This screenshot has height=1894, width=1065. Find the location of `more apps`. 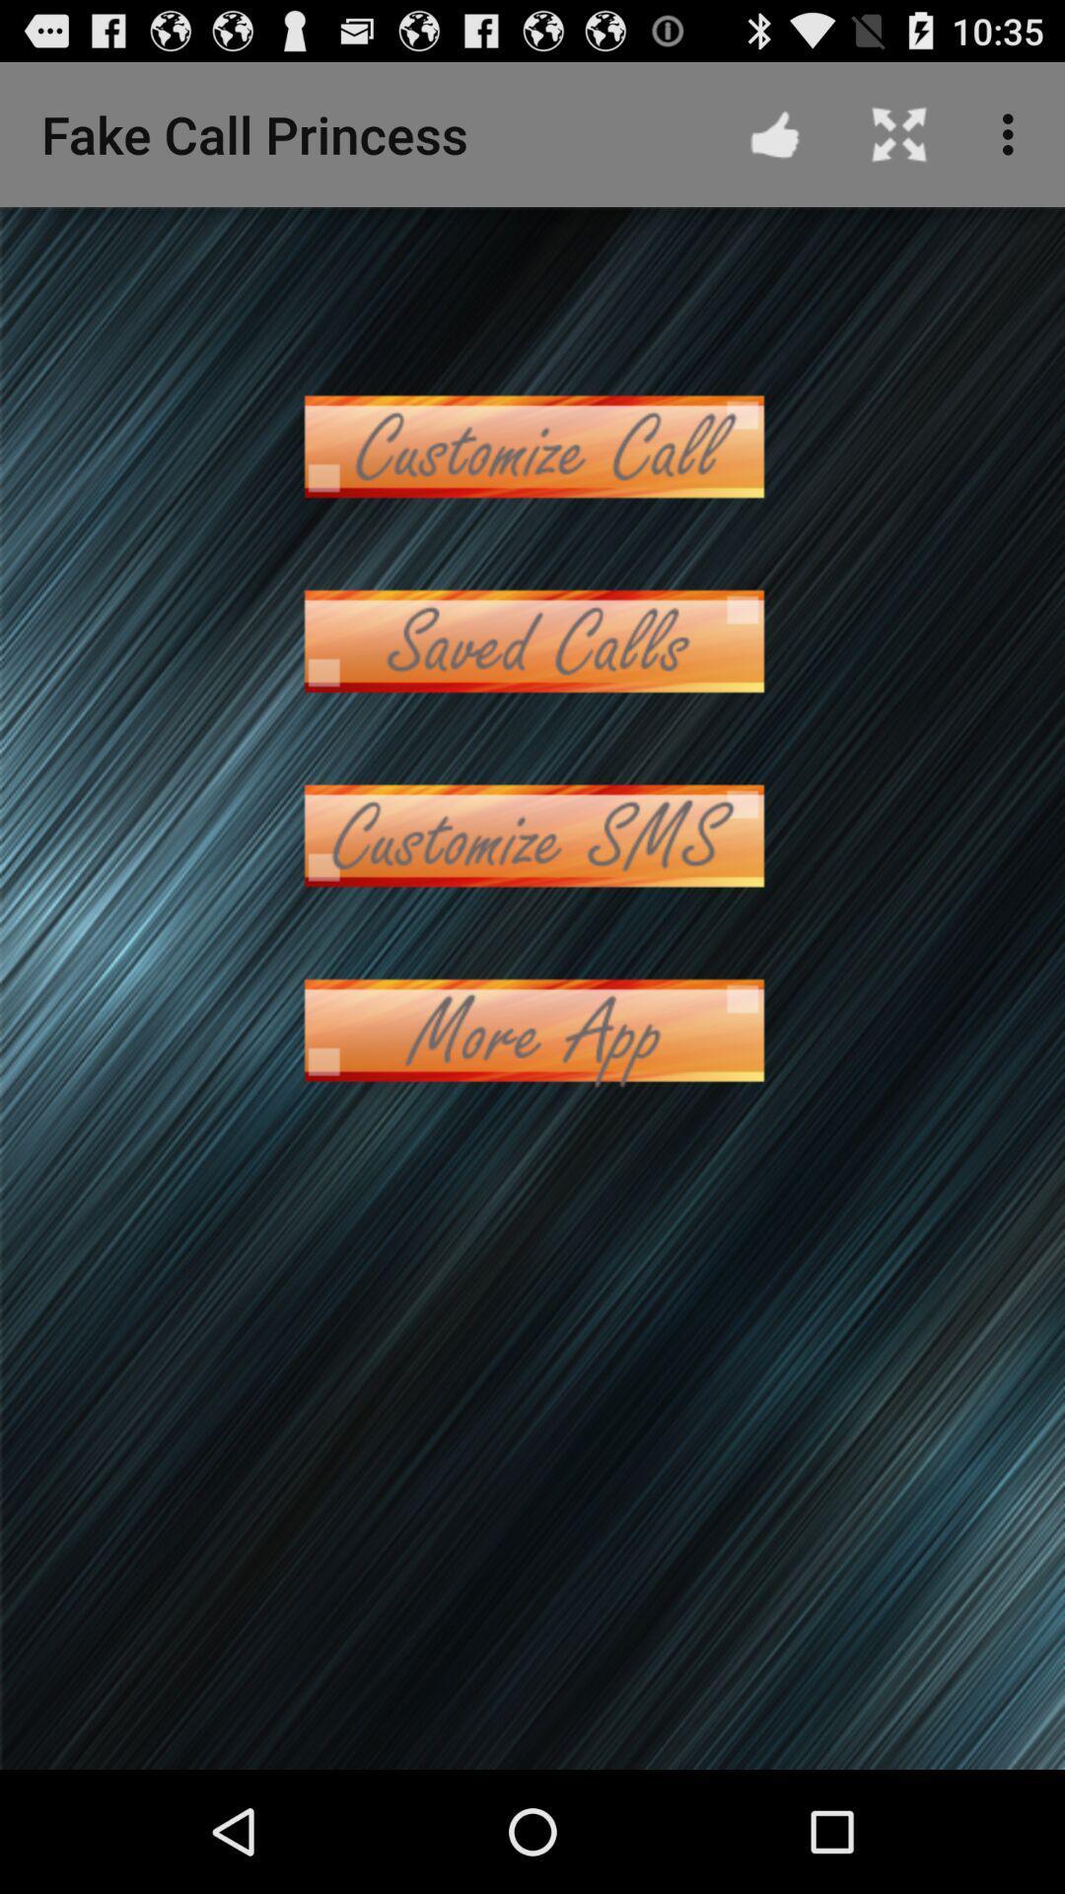

more apps is located at coordinates (532, 1029).